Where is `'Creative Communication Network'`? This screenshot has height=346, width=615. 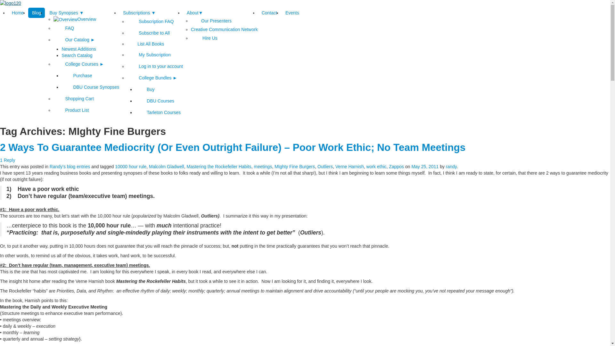
'Creative Communication Network' is located at coordinates (224, 29).